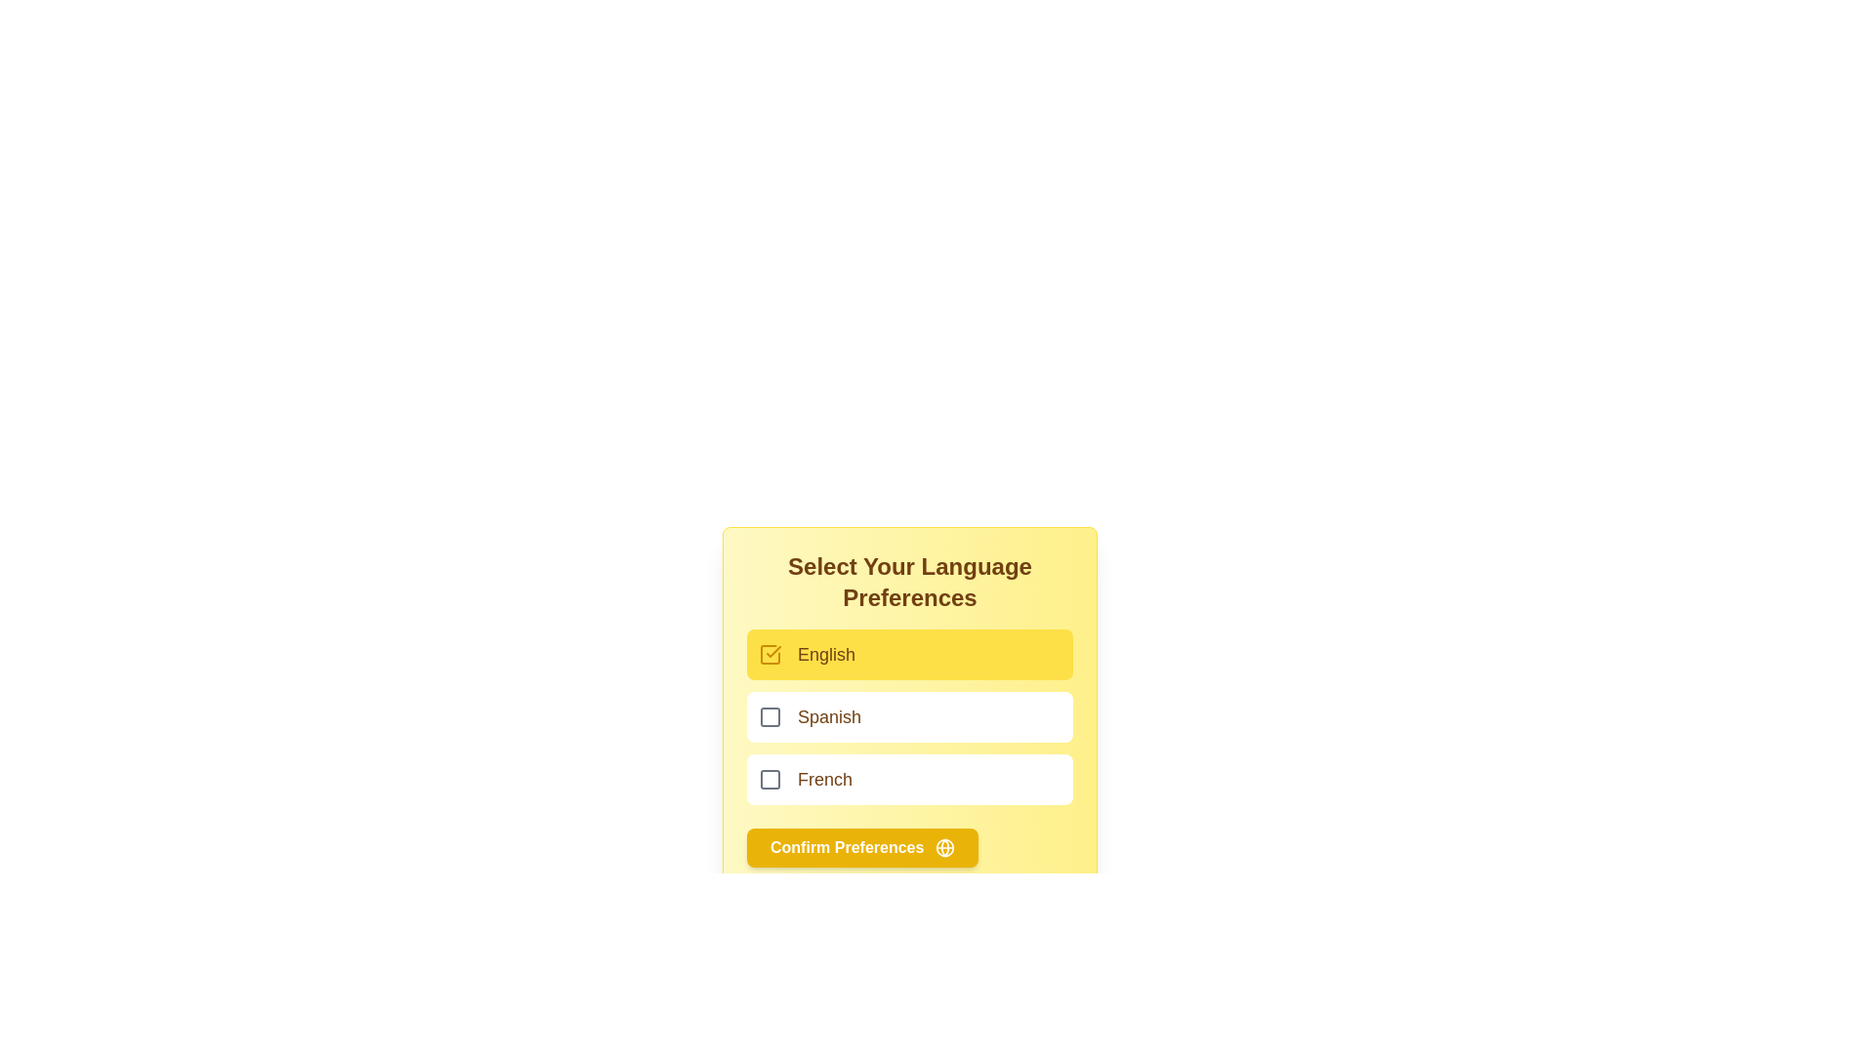  What do you see at coordinates (945, 846) in the screenshot?
I see `the circular globe icon with a wireframe design on a yellow background, located to the right of the 'Confirm Preferences' text inside a yellow rectangular button` at bounding box center [945, 846].